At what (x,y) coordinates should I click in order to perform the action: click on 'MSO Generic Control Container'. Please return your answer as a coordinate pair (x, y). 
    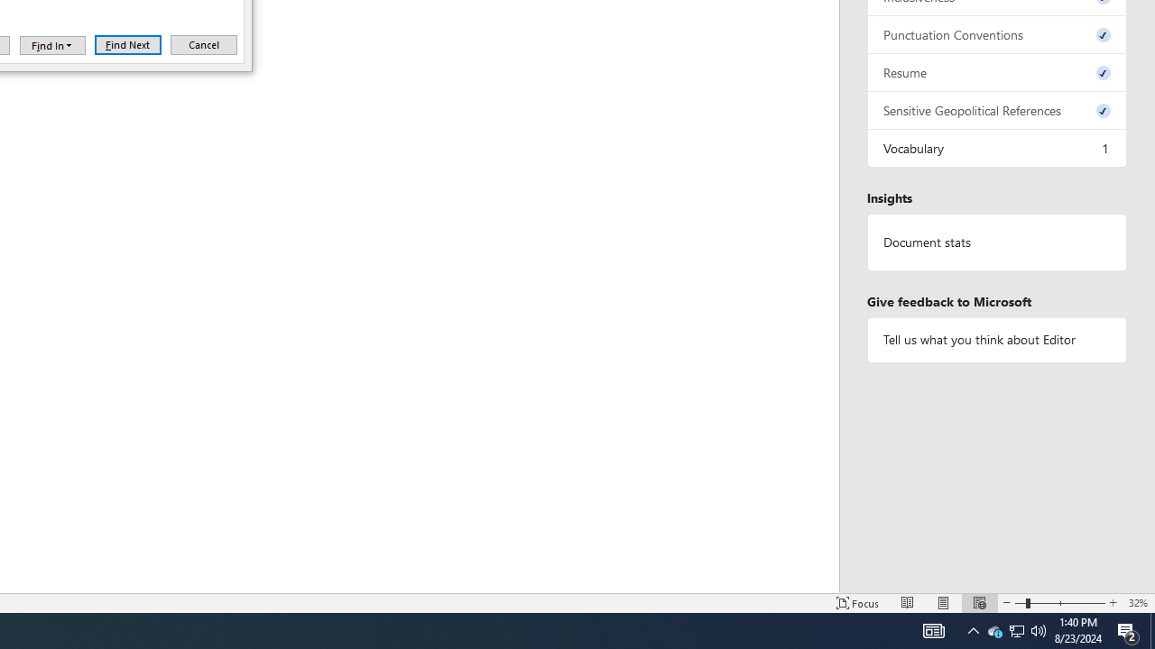
    Looking at the image, I should click on (1017, 629).